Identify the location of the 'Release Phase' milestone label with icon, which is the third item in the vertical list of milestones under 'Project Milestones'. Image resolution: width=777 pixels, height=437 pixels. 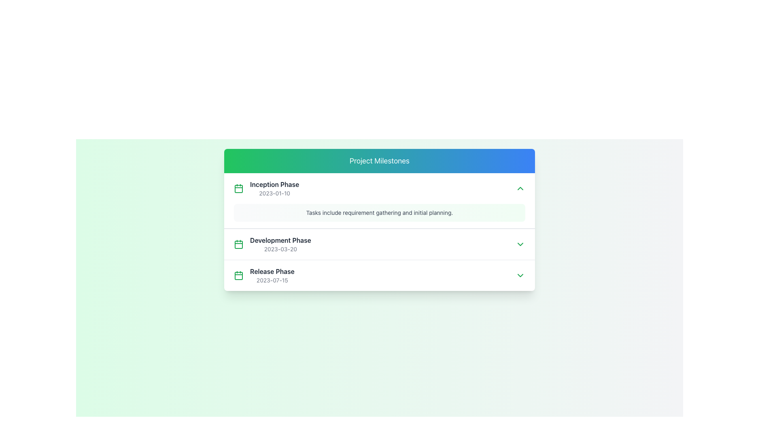
(264, 275).